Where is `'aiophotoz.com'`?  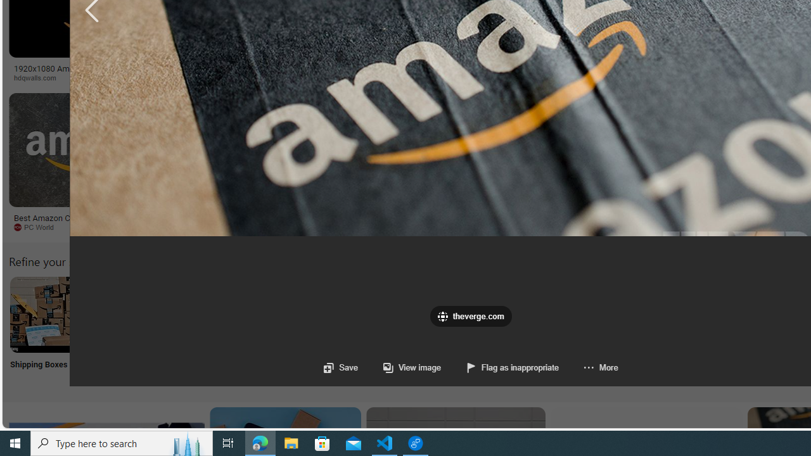
'aiophotoz.com' is located at coordinates (422, 227).